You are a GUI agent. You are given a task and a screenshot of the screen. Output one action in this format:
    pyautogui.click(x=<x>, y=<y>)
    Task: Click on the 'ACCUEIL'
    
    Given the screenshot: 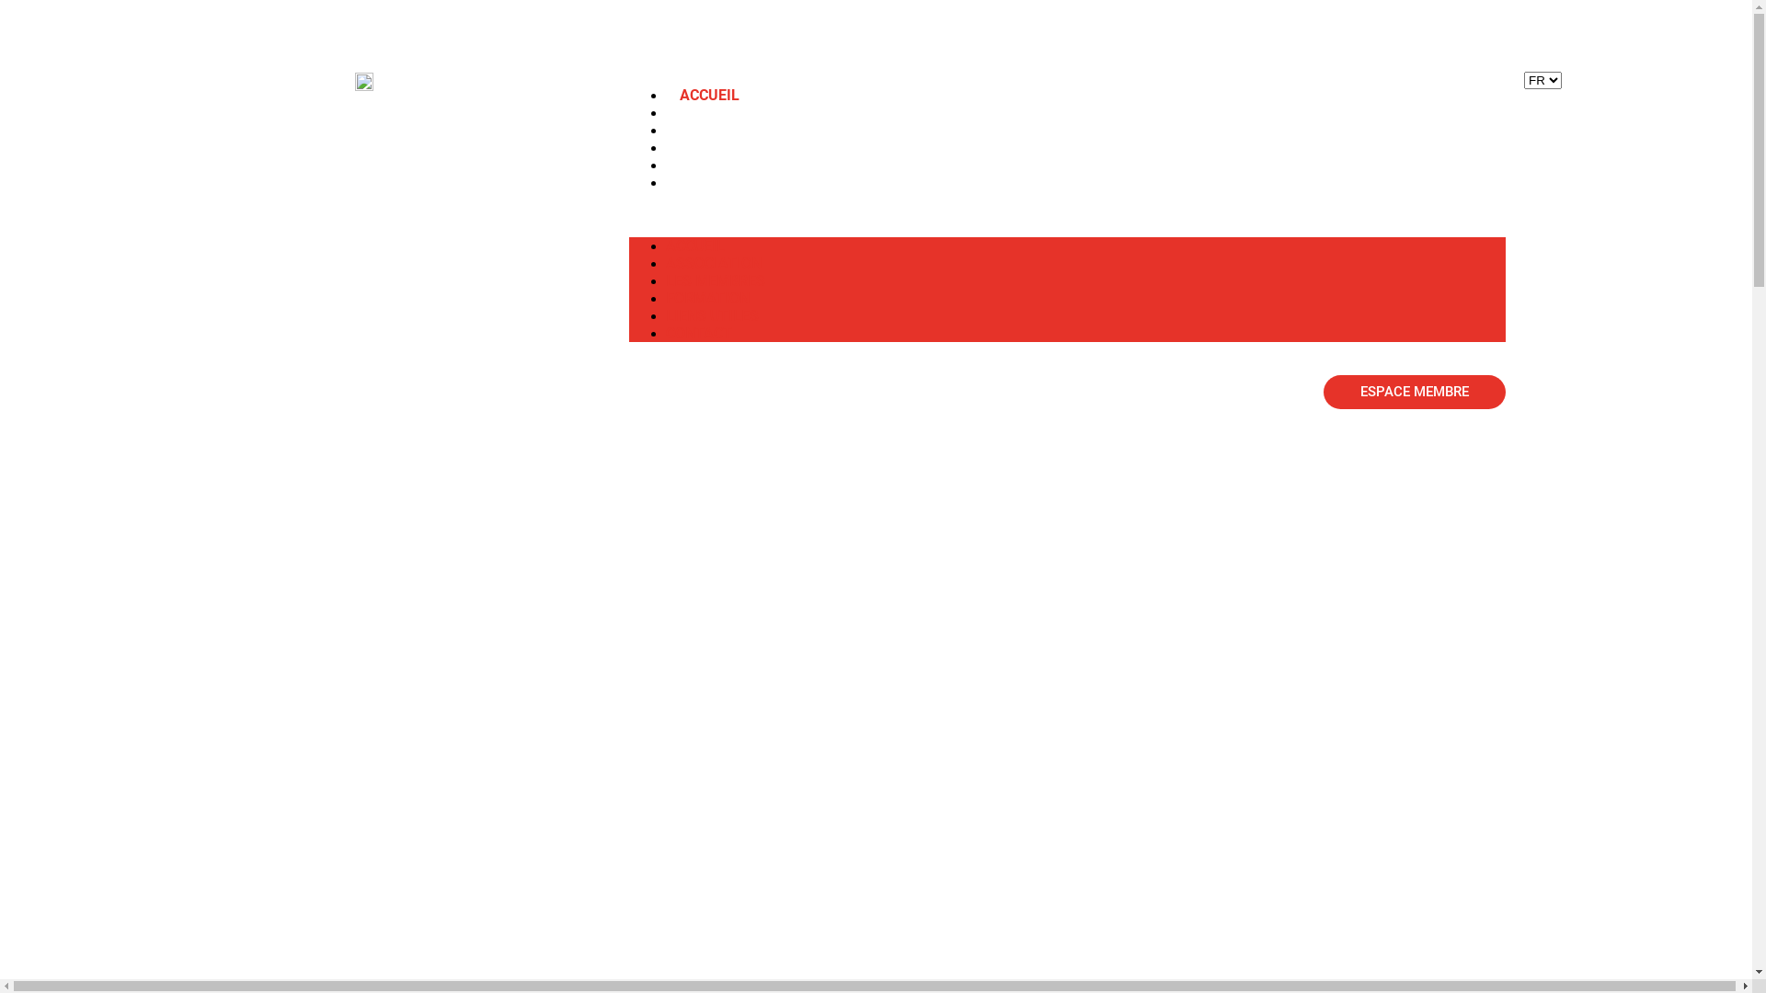 What is the action you would take?
    pyautogui.click(x=694, y=245)
    